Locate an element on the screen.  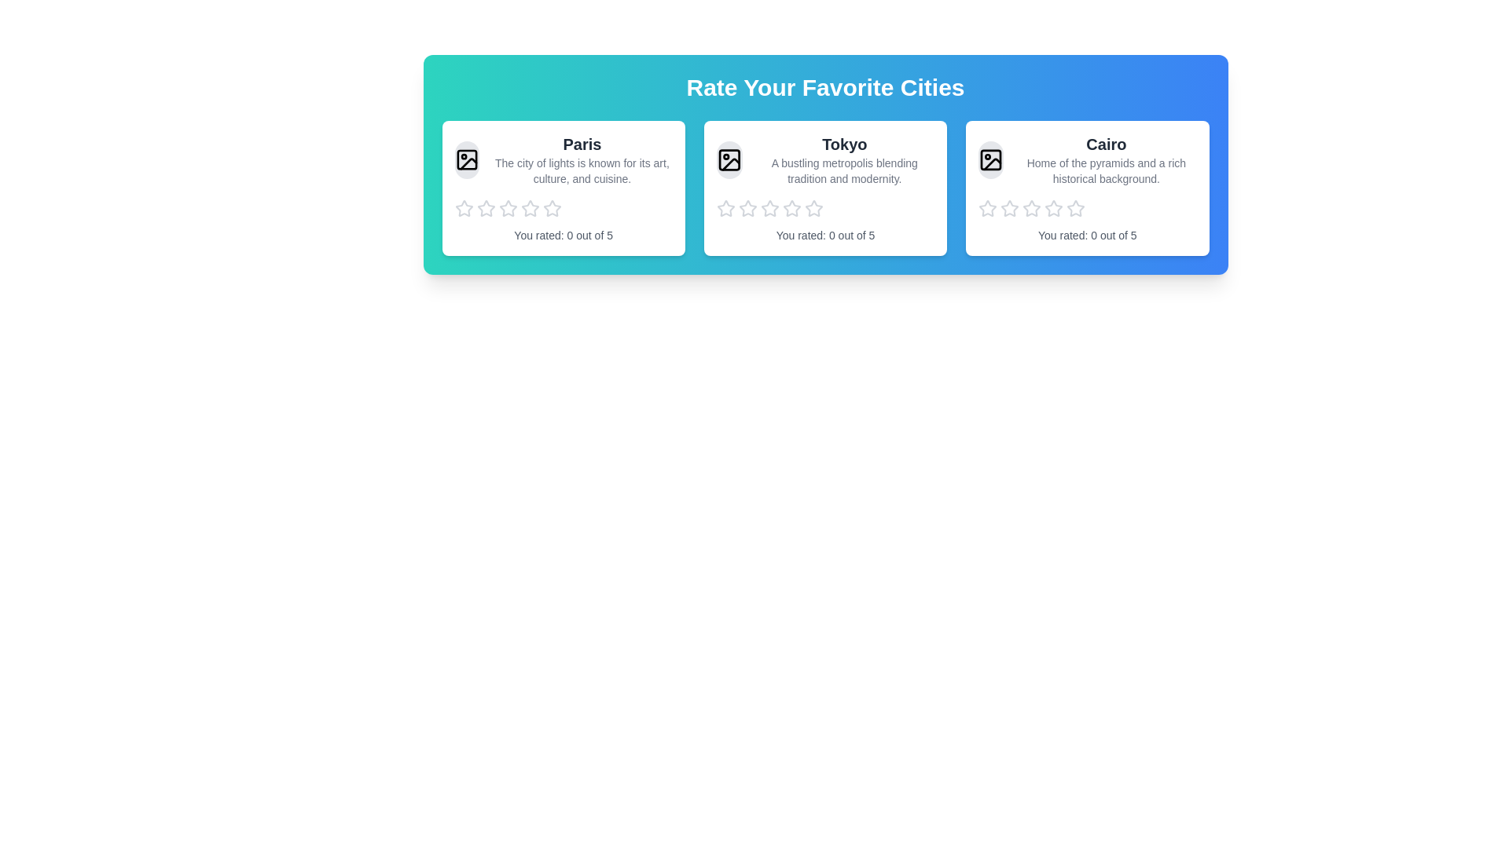
the second star icon is located at coordinates (791, 207).